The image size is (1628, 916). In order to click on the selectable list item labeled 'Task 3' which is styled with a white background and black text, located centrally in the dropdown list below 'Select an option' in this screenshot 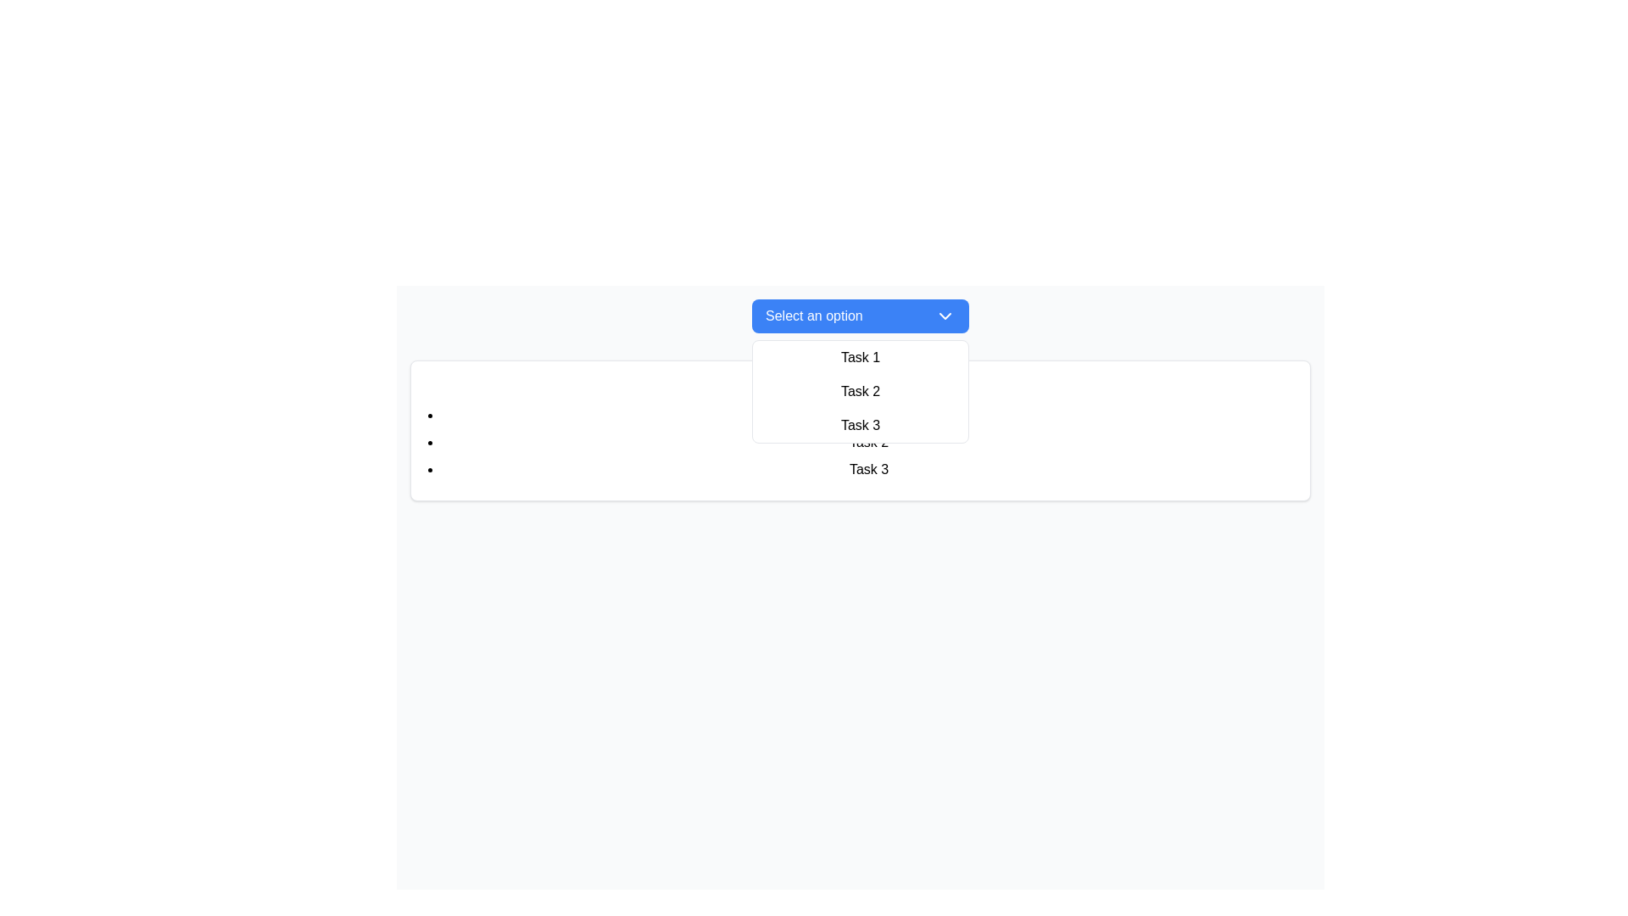, I will do `click(860, 424)`.